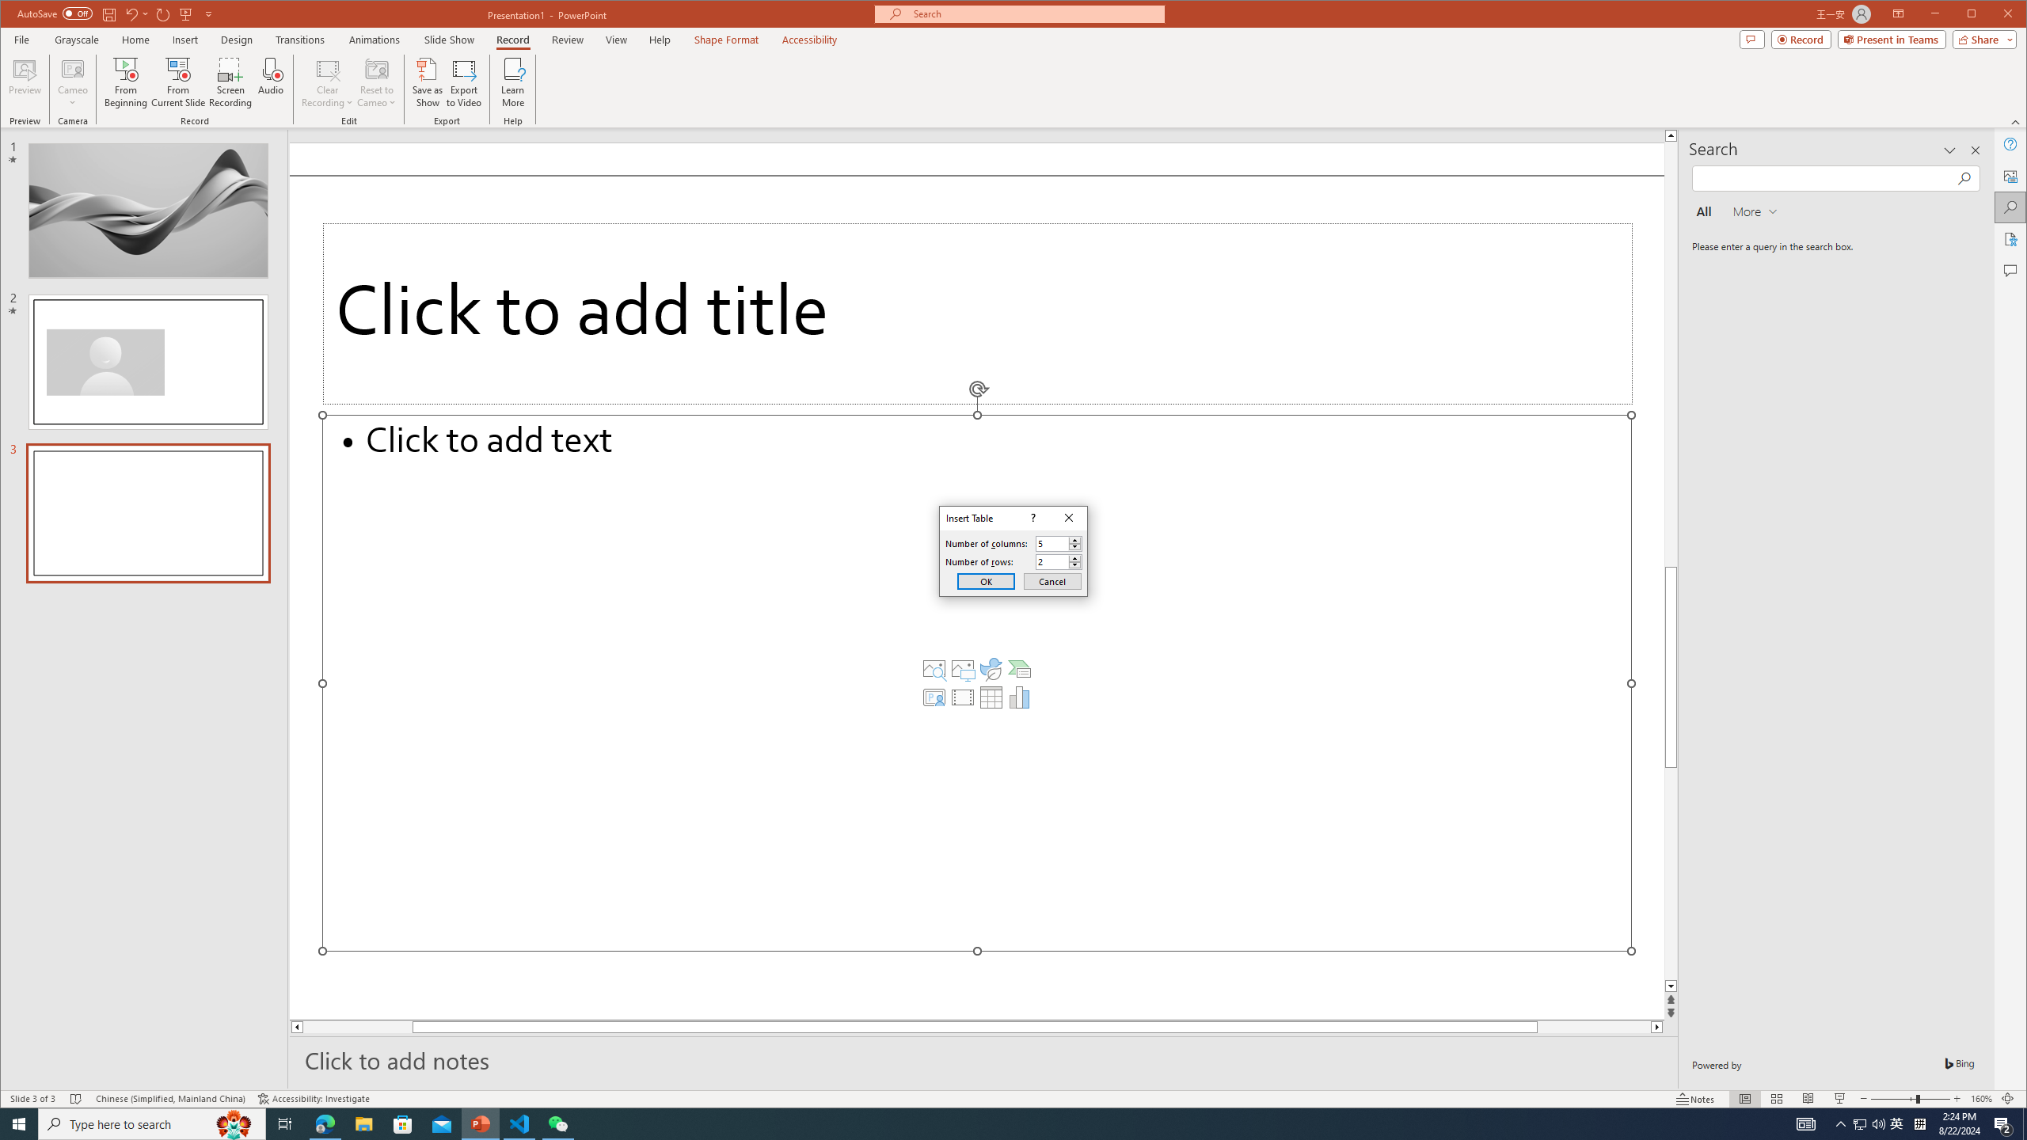 This screenshot has width=2027, height=1140. What do you see at coordinates (1059, 542) in the screenshot?
I see `'Number of columns'` at bounding box center [1059, 542].